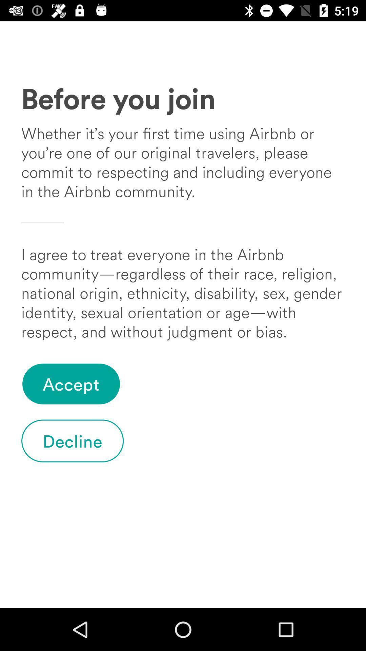 The image size is (366, 651). What do you see at coordinates (73, 441) in the screenshot?
I see `decline item` at bounding box center [73, 441].